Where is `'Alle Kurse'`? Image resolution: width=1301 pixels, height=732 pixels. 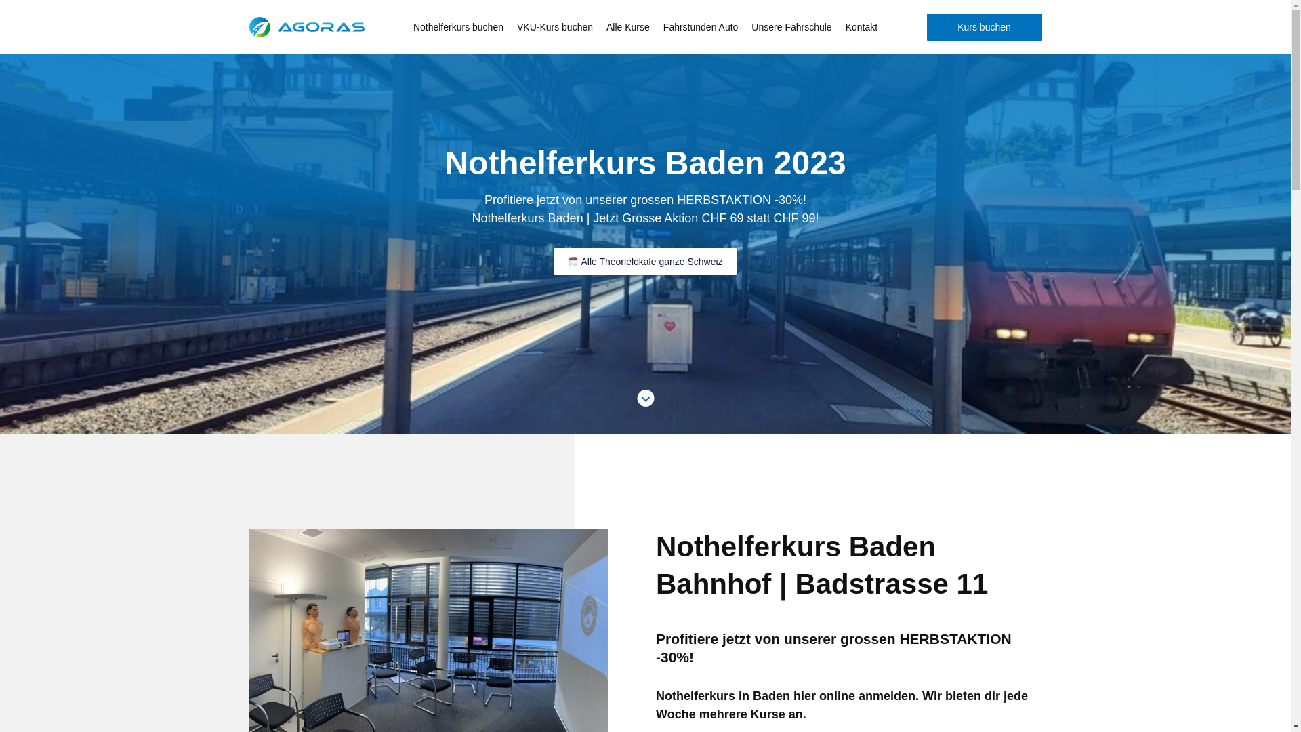
'Alle Kurse' is located at coordinates (627, 27).